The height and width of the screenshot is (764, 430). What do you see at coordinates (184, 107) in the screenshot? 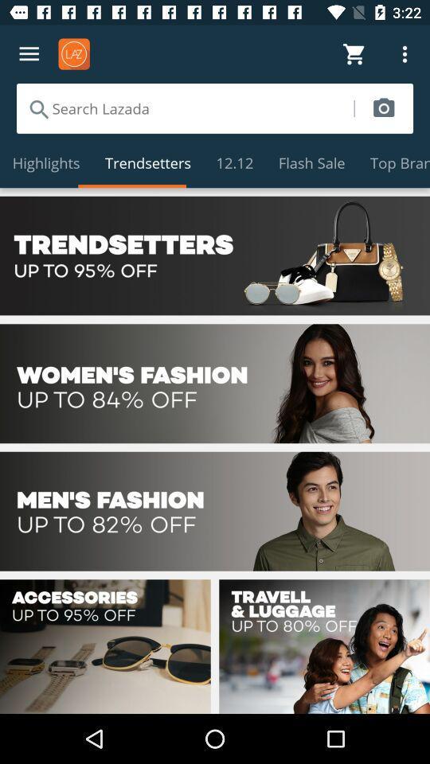
I see `input a search string` at bounding box center [184, 107].